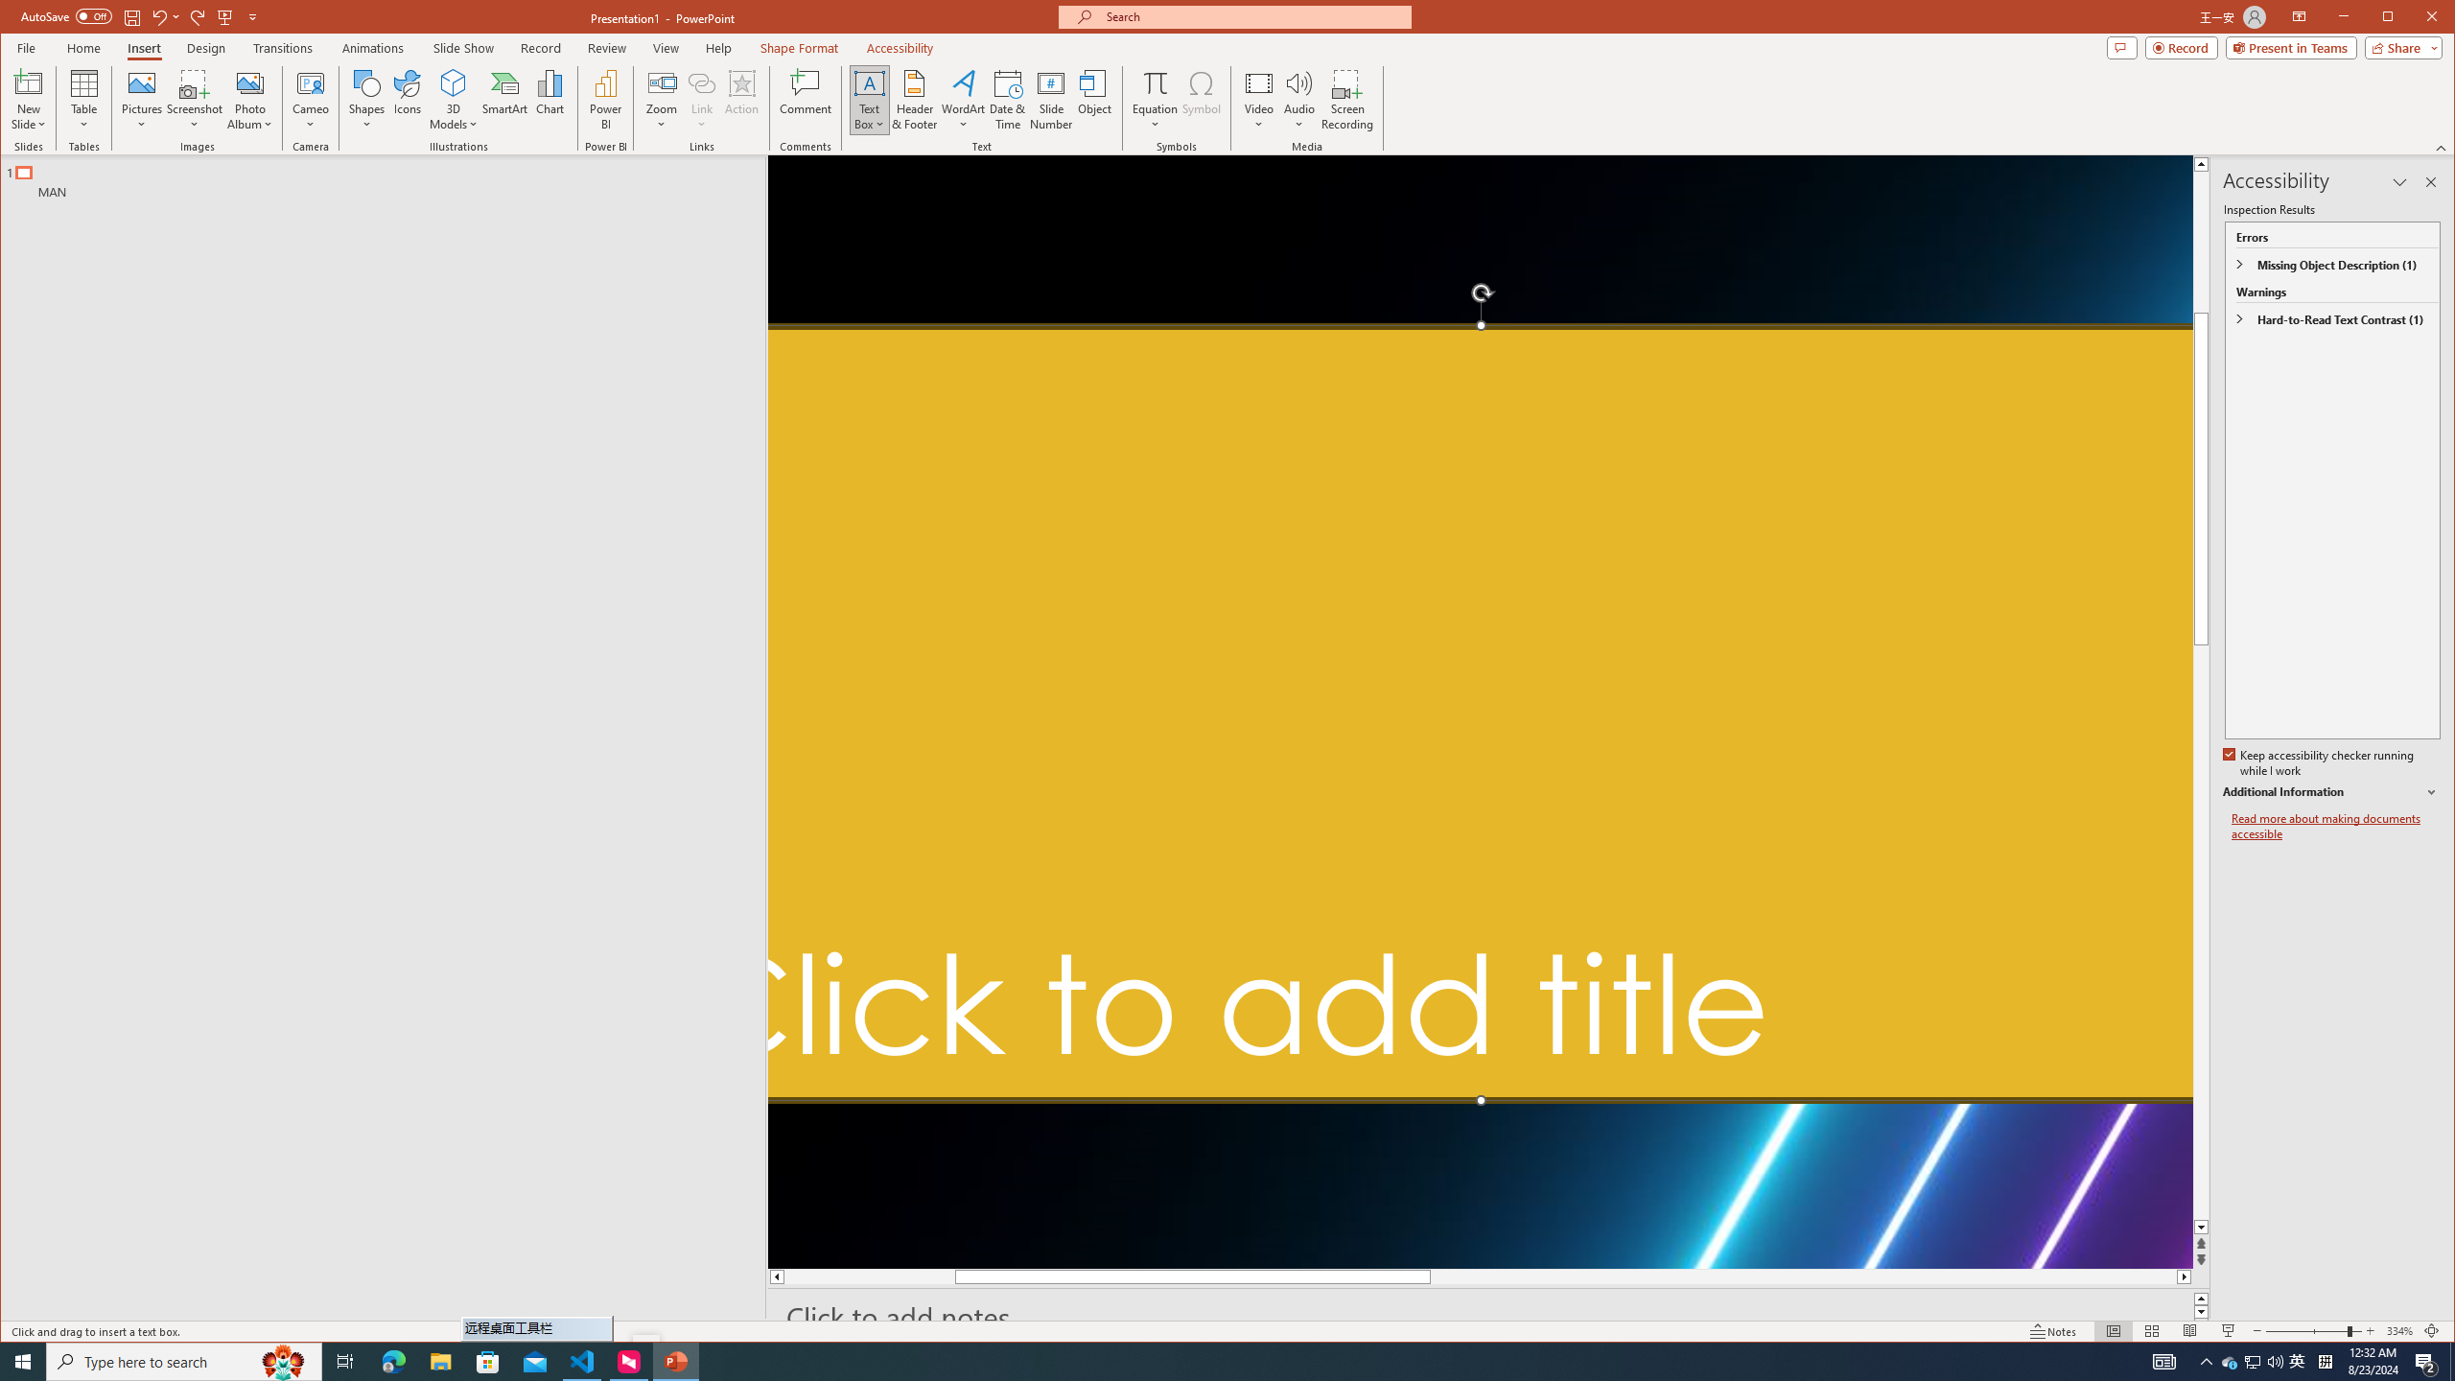 The width and height of the screenshot is (2455, 1381). I want to click on 'Equation', so click(1155, 99).